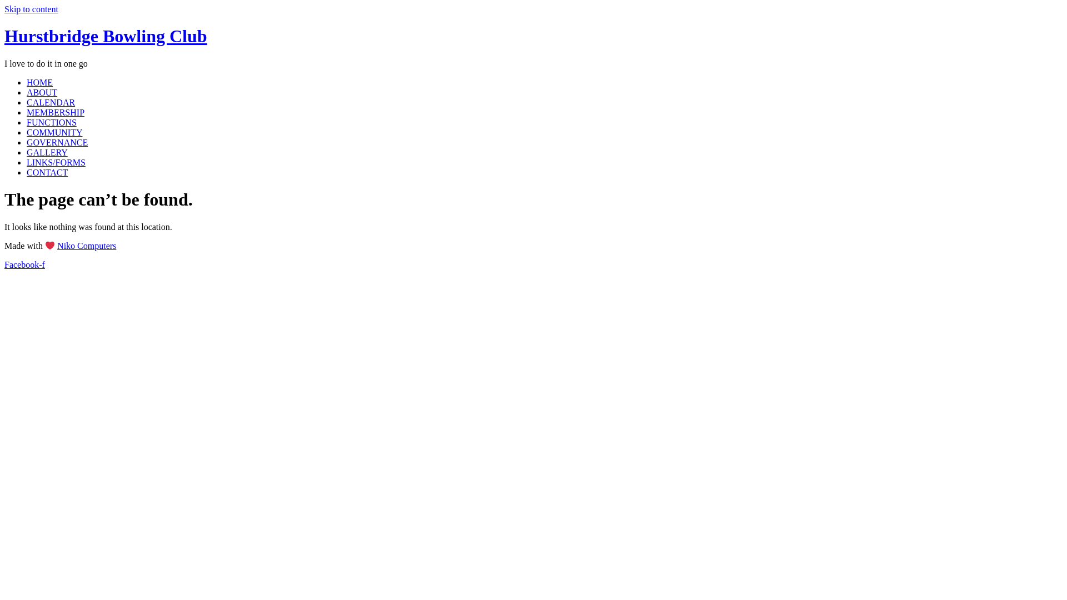  What do you see at coordinates (47, 152) in the screenshot?
I see `'GALLERY'` at bounding box center [47, 152].